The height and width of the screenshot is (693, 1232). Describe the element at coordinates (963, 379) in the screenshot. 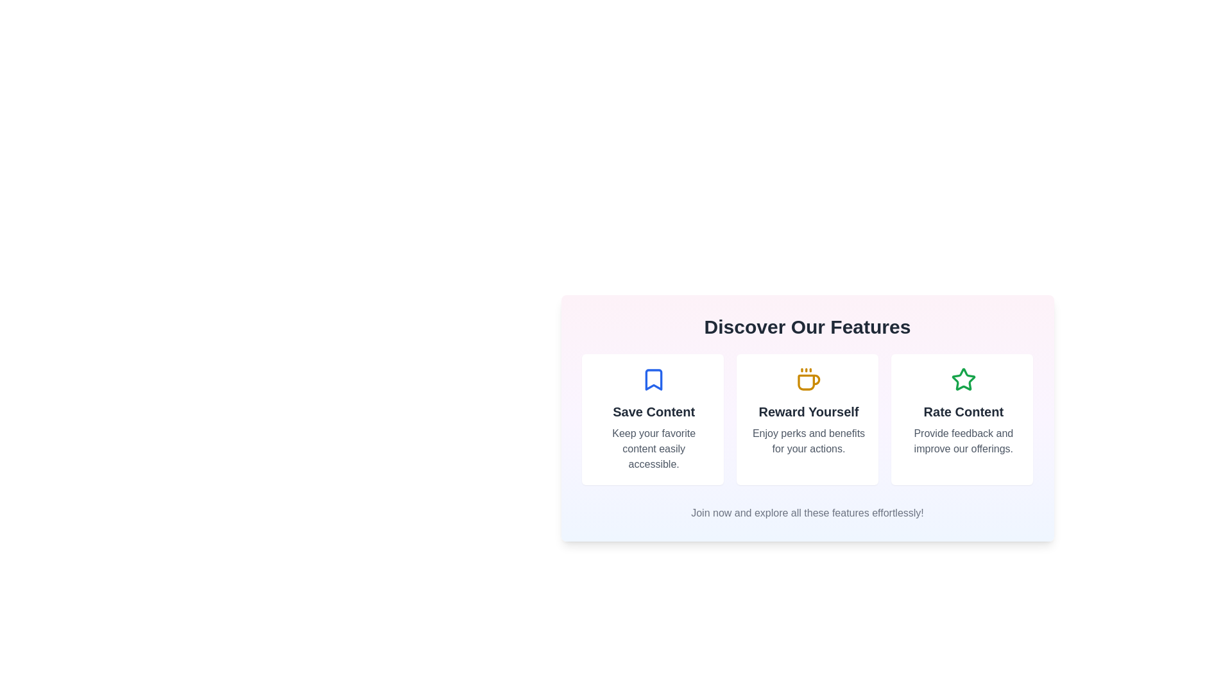

I see `the green star icon with a white fill inside it, located in the 'Rate Content' card, which is the third card from the left in a horizontal arrangement` at that location.